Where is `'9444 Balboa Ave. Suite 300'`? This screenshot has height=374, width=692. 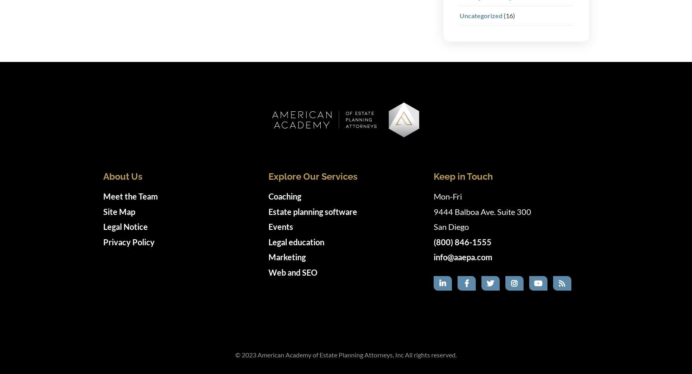
'9444 Balboa Ave. Suite 300' is located at coordinates (433, 211).